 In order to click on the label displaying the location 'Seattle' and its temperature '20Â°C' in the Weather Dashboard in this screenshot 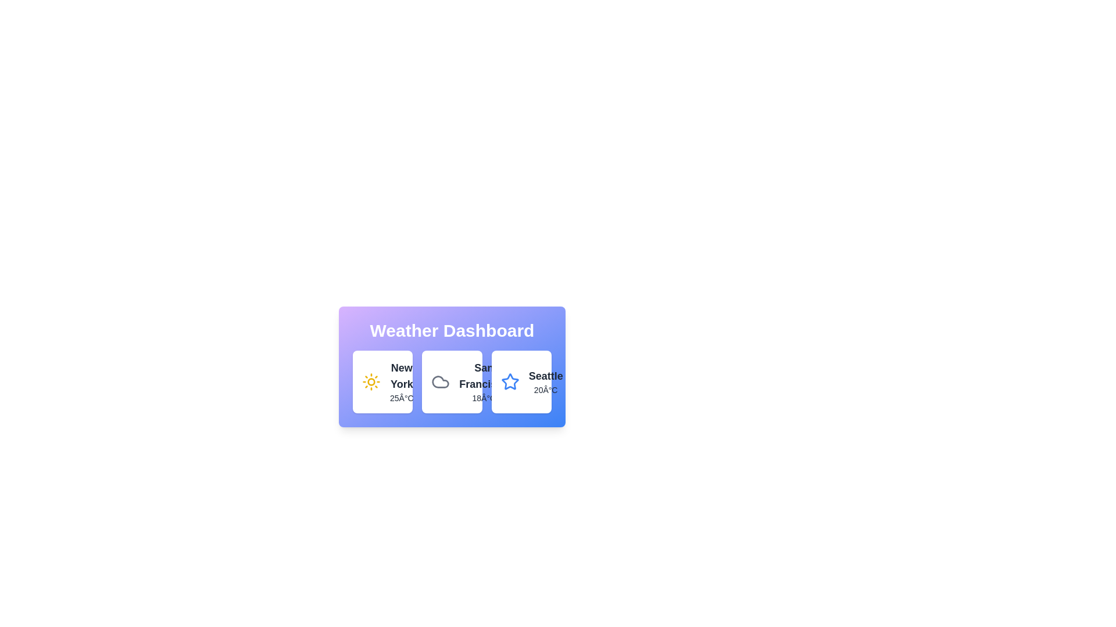, I will do `click(545, 382)`.